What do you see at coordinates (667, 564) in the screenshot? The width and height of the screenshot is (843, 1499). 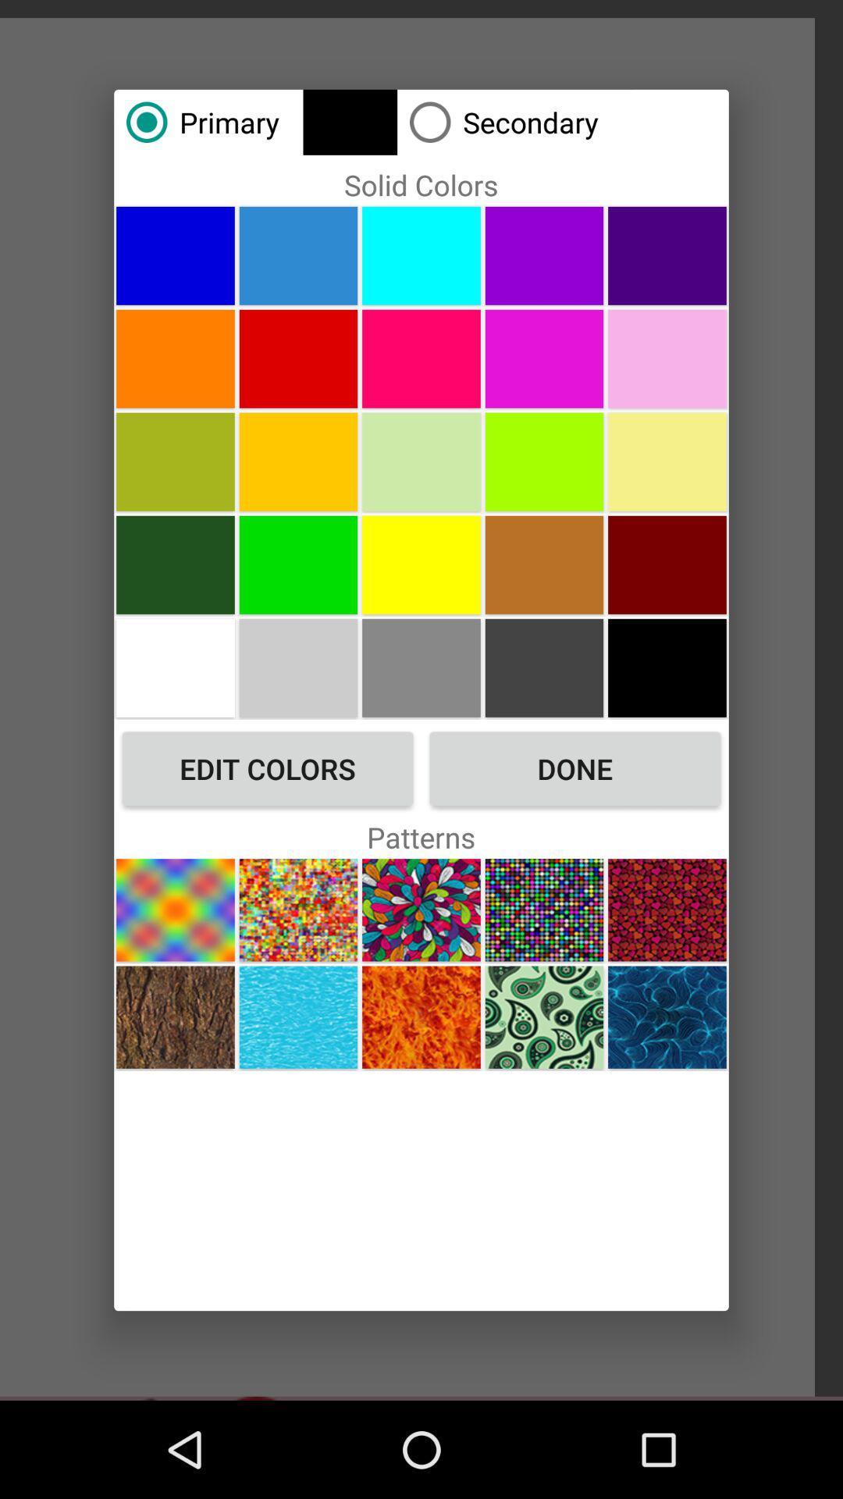 I see `this color` at bounding box center [667, 564].